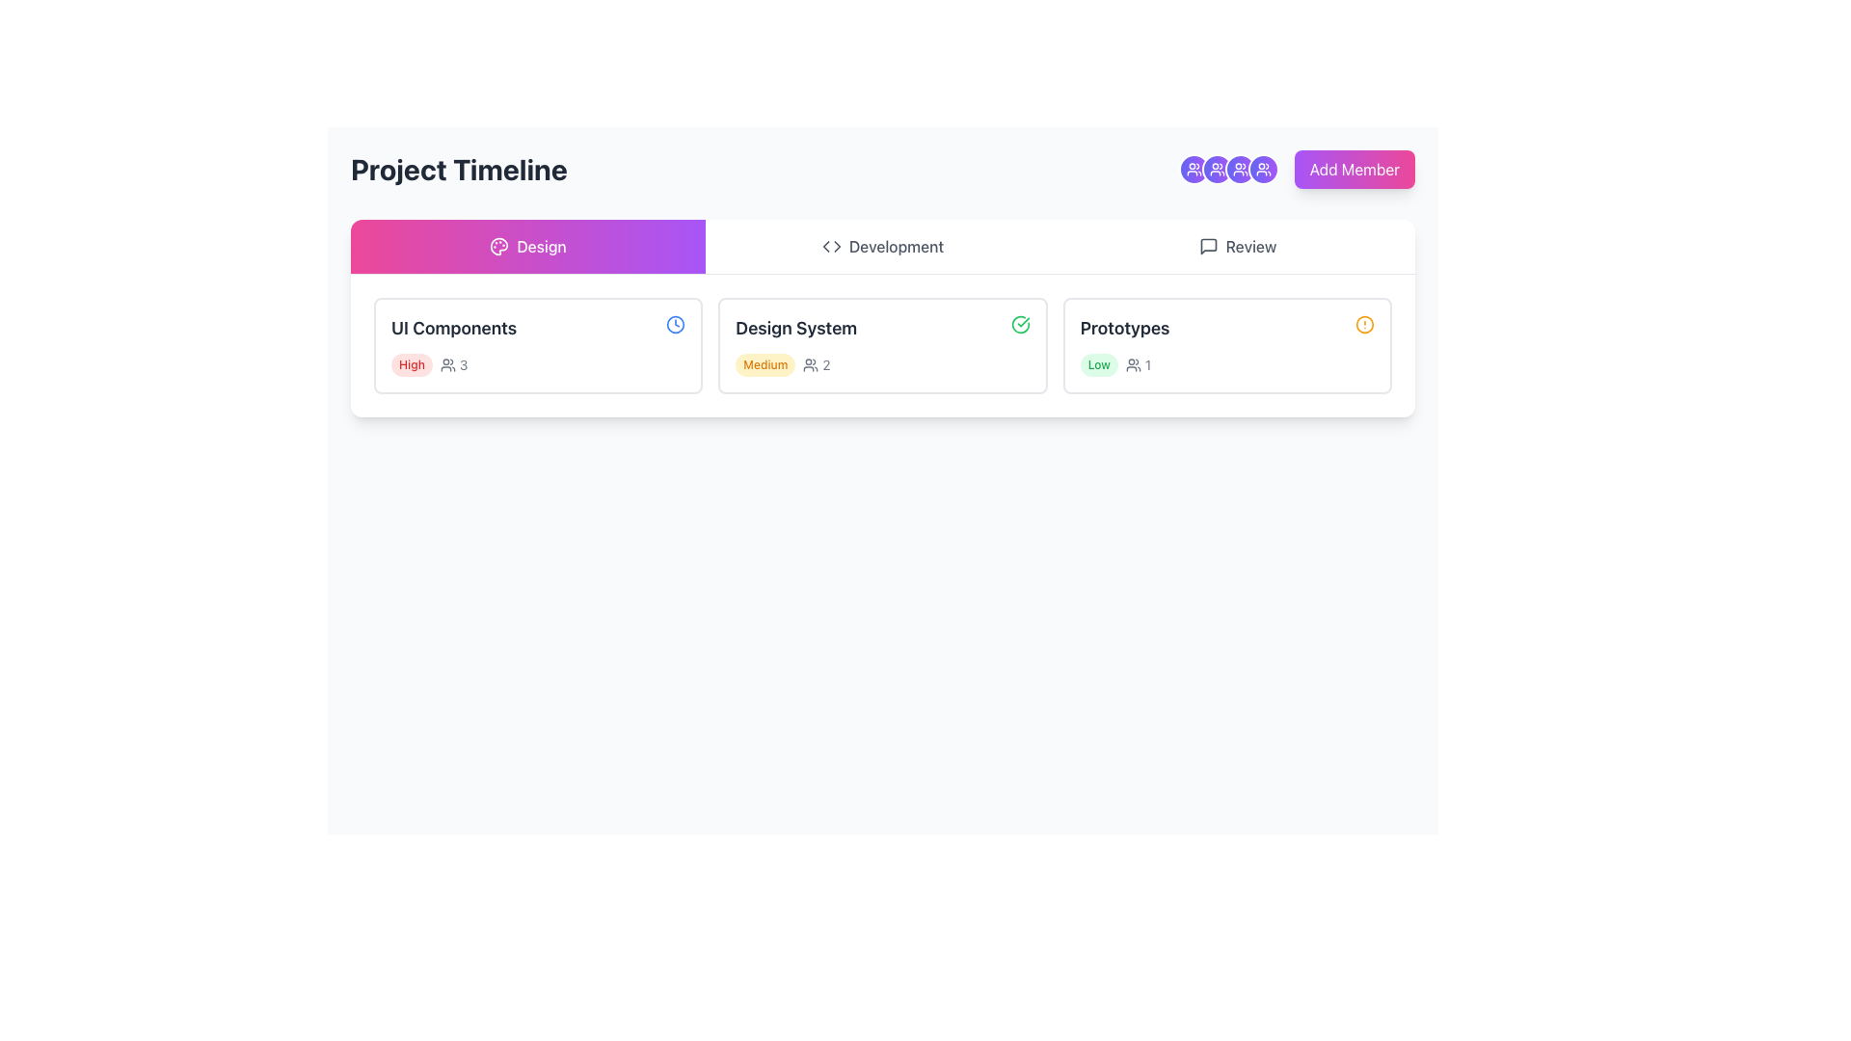 The image size is (1851, 1041). What do you see at coordinates (527, 245) in the screenshot?
I see `the 'Design' button, which is the first button in the horizontal row of navigation buttons` at bounding box center [527, 245].